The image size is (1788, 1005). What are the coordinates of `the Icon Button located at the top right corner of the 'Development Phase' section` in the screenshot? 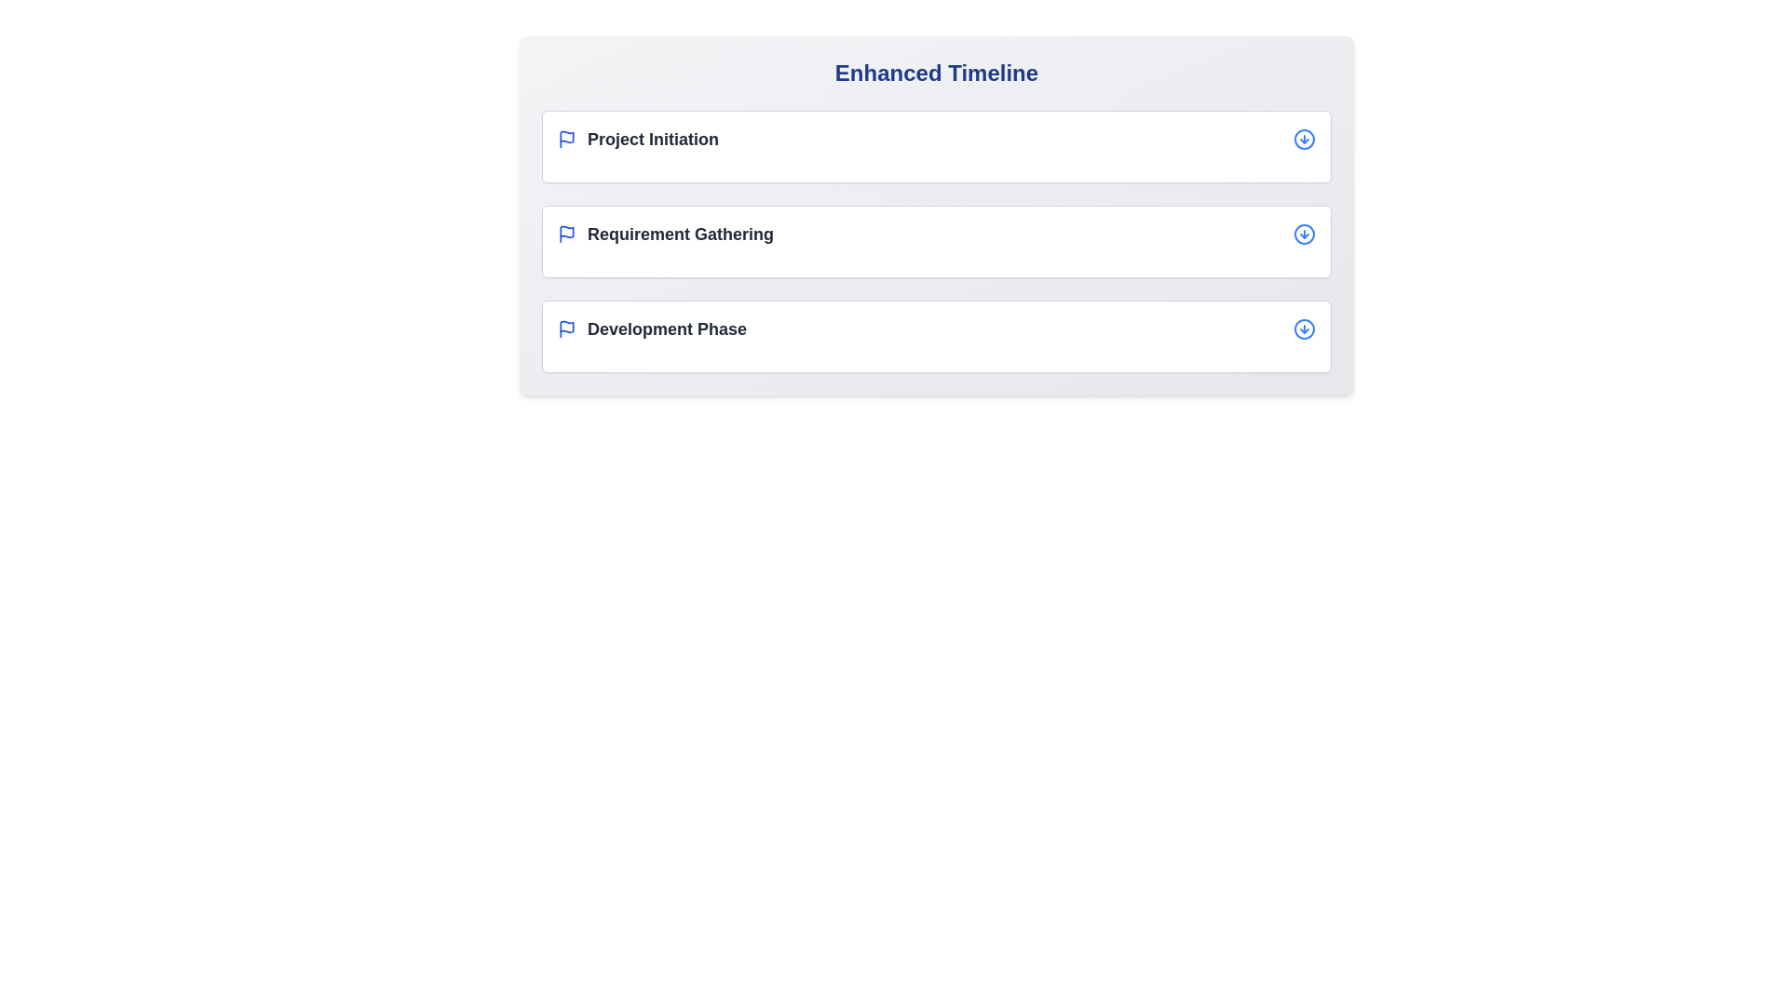 It's located at (1304, 328).